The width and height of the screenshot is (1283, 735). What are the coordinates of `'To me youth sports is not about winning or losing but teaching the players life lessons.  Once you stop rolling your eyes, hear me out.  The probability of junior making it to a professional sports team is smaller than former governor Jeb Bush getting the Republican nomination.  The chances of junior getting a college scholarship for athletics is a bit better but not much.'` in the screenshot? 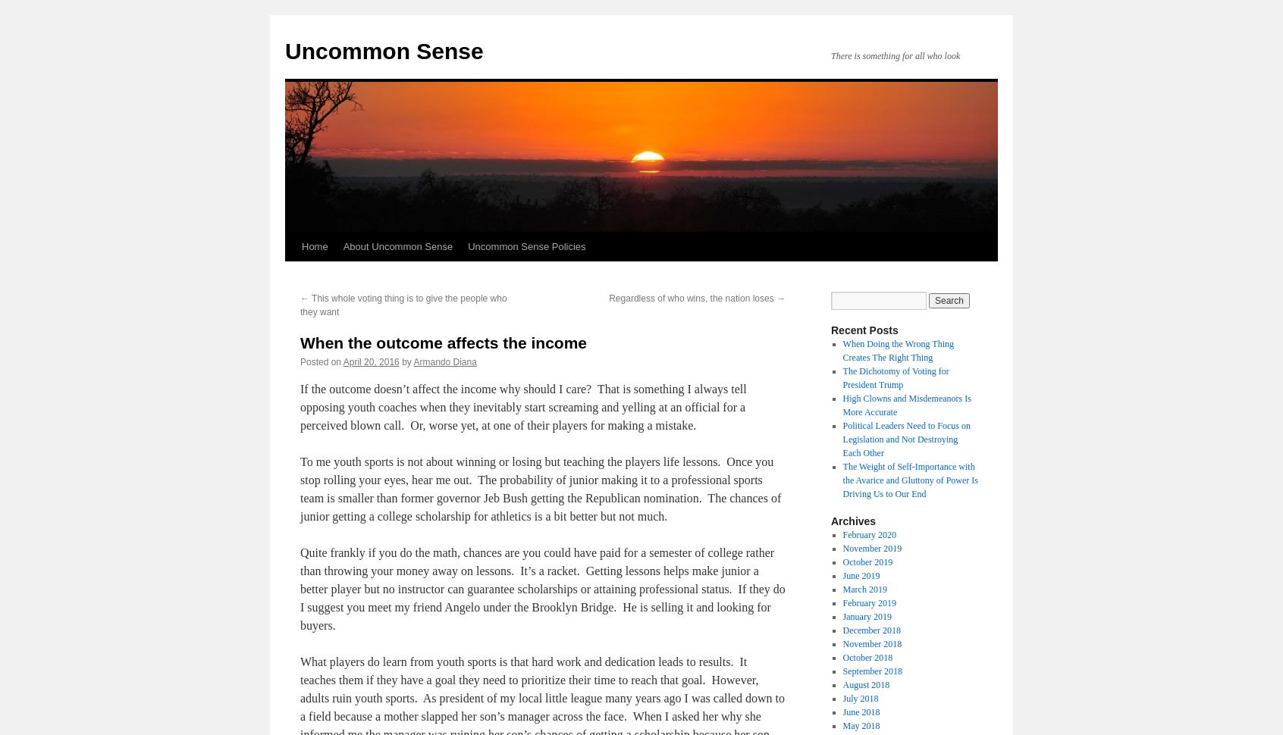 It's located at (540, 488).